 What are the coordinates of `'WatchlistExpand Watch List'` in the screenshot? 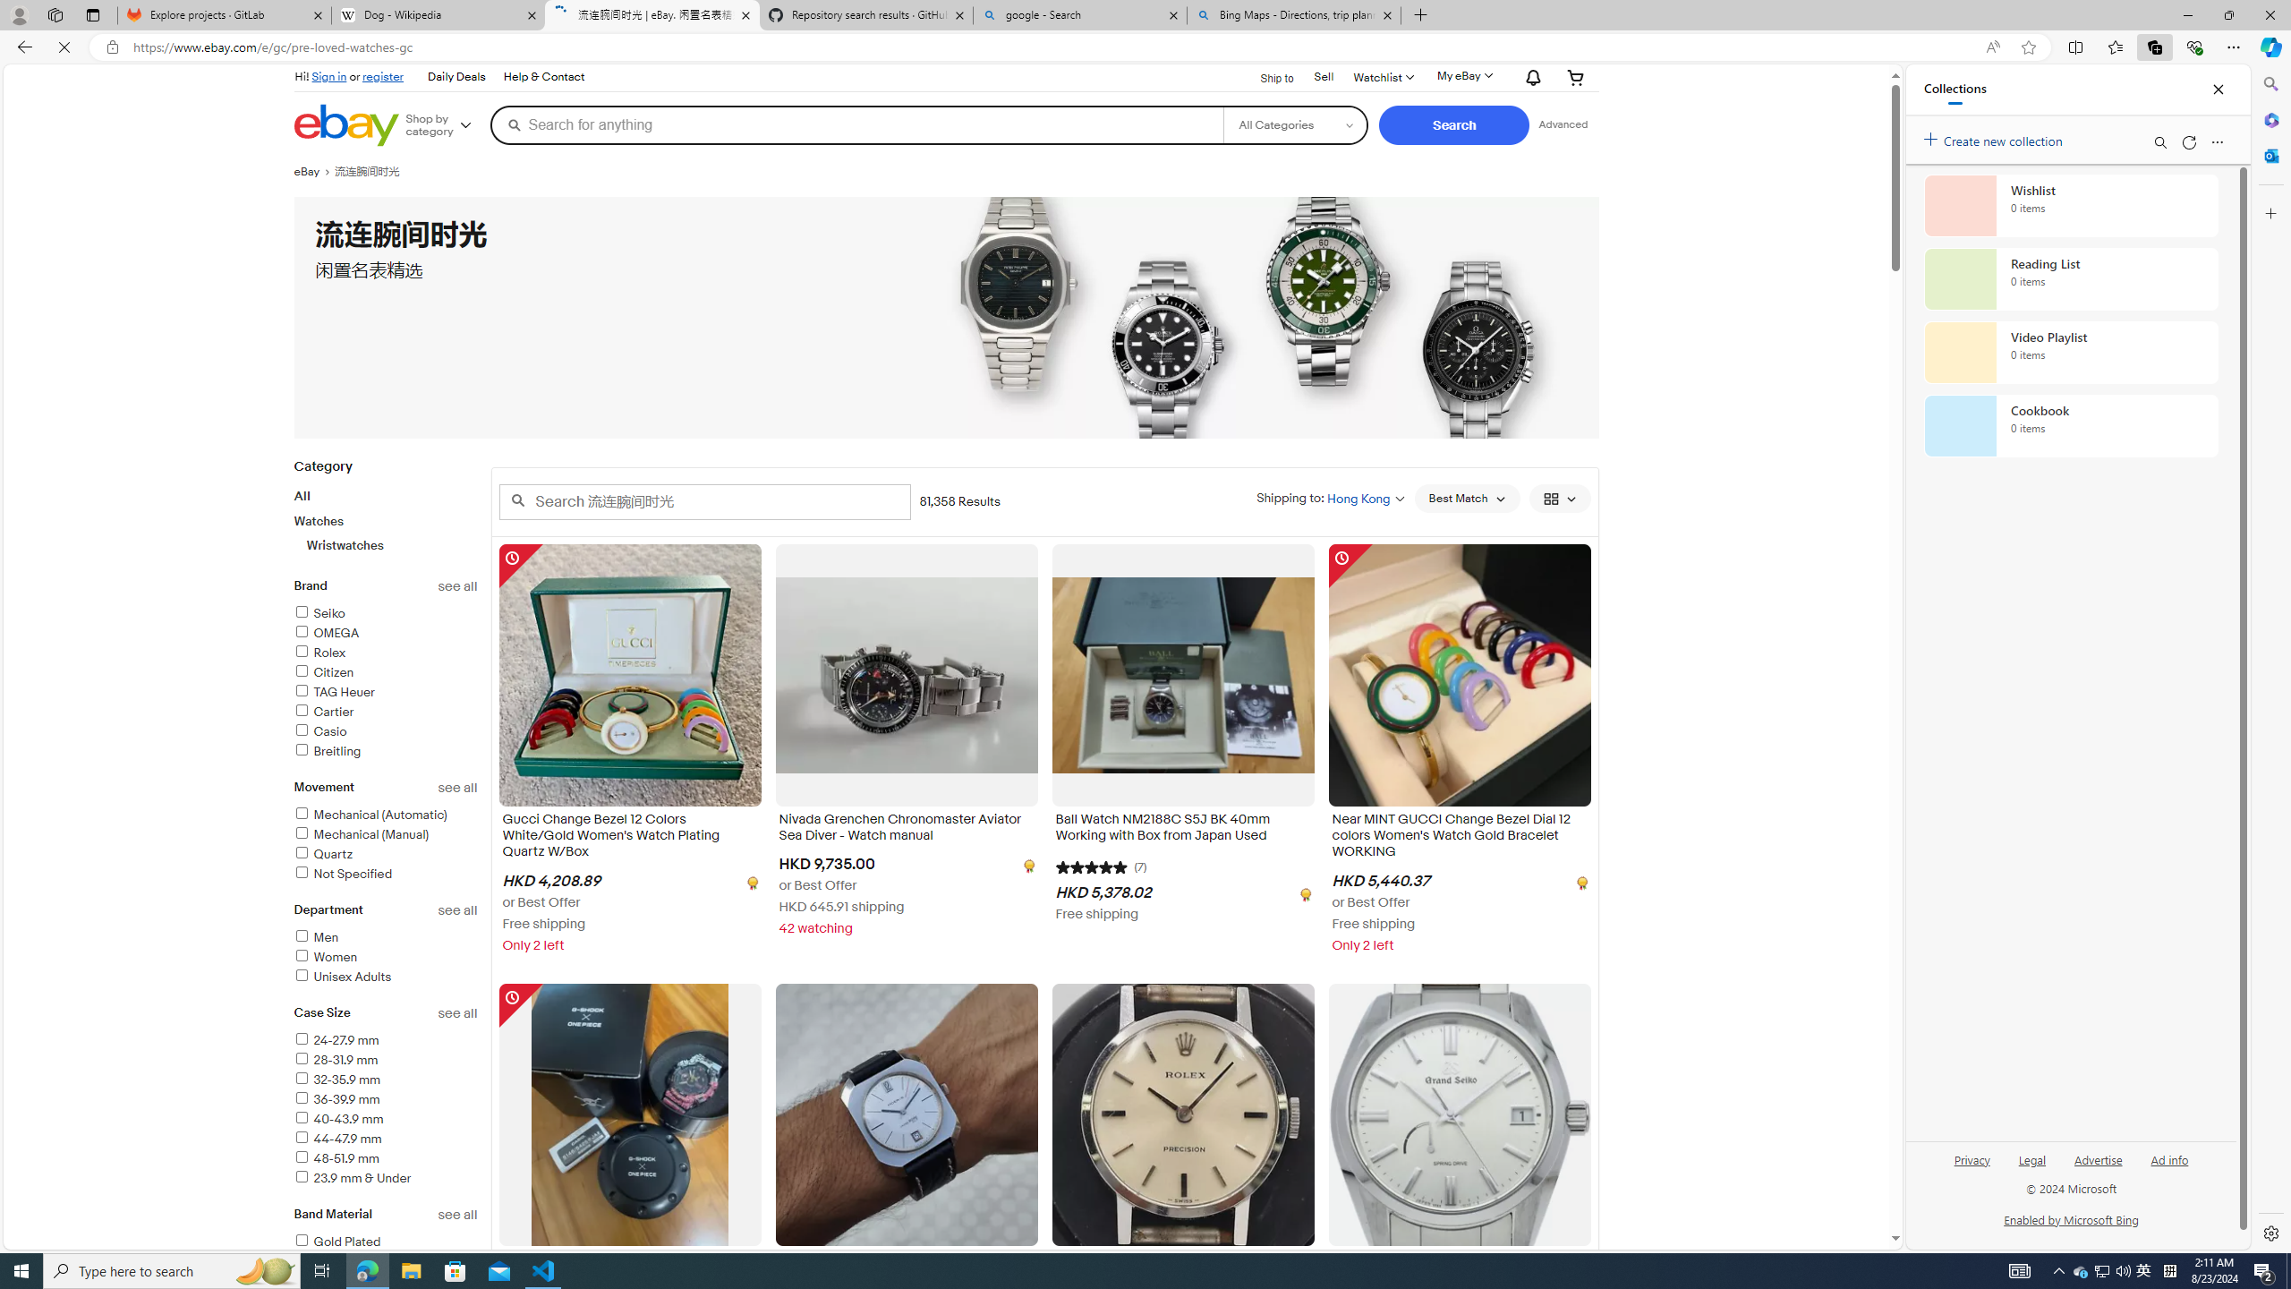 It's located at (1382, 76).